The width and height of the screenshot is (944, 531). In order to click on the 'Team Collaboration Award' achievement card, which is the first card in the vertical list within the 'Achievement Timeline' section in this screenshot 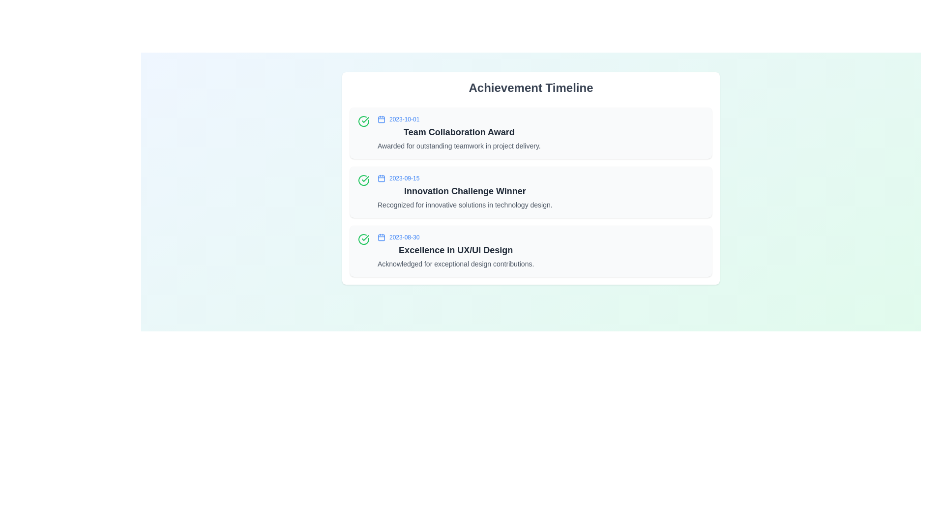, I will do `click(531, 133)`.